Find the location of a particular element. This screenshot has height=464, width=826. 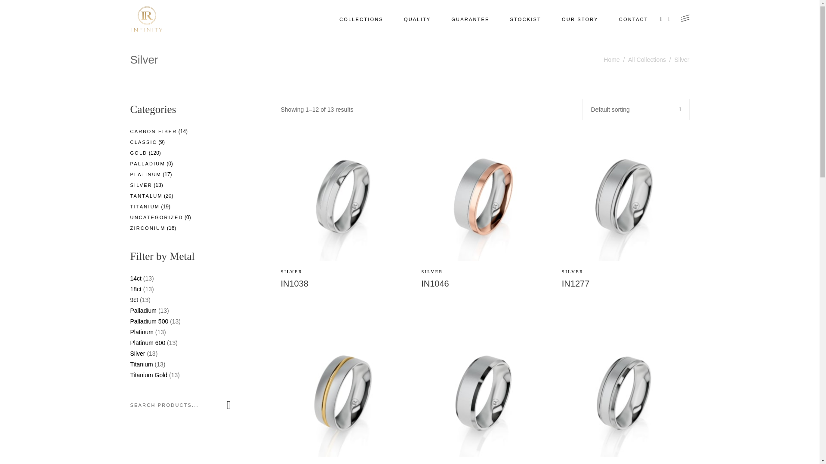

'PALLADIUM' is located at coordinates (147, 164).